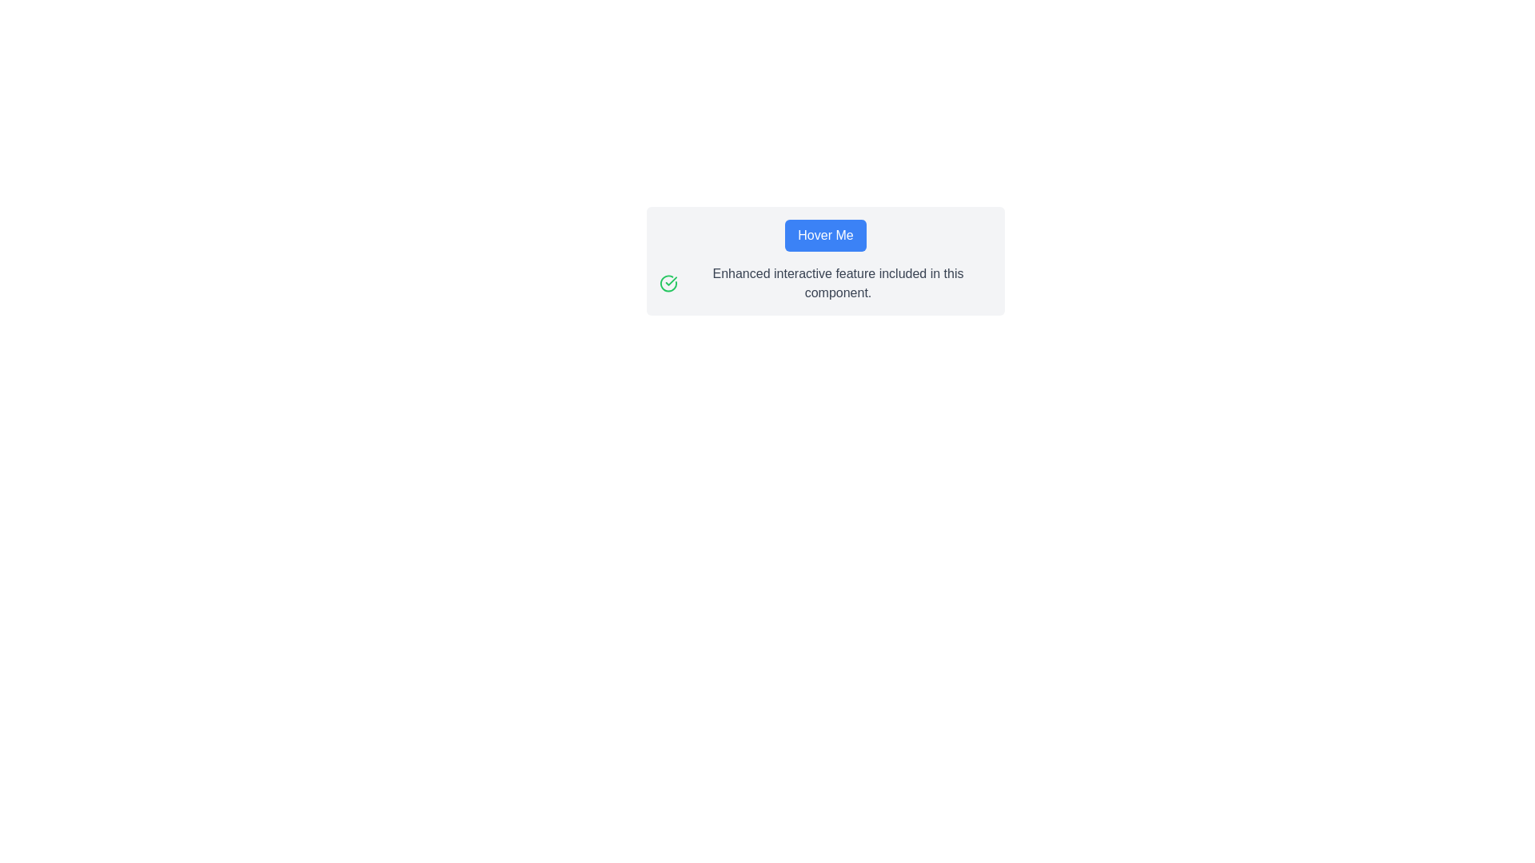 The image size is (1535, 863). I want to click on the informational text element located to the right of the green check icon and below the 'Hover Me' button, so click(837, 282).